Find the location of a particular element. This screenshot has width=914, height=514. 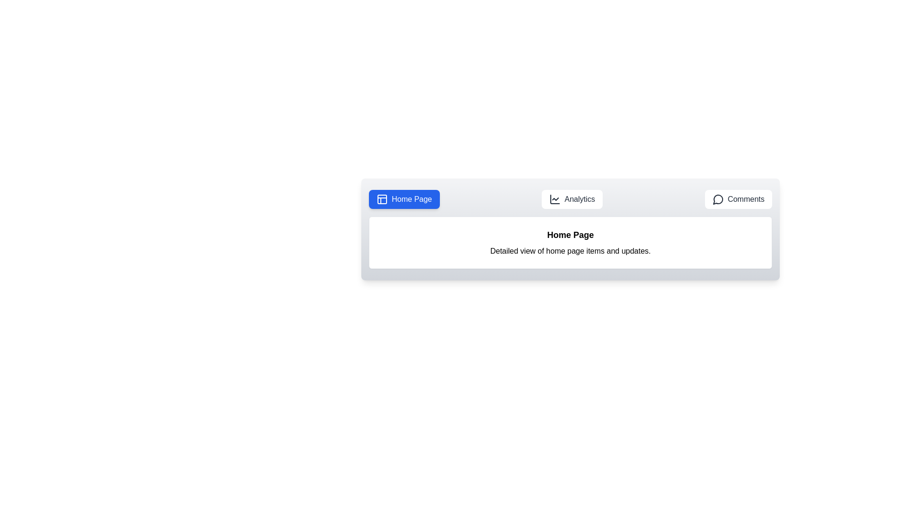

the Home Page tab by clicking on the corresponding tab is located at coordinates (404, 199).